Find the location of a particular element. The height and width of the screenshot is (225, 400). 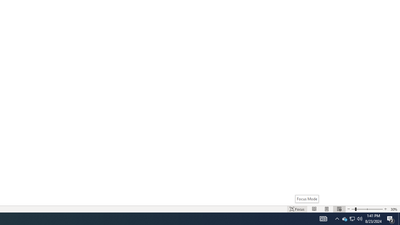

'Focus Mode' is located at coordinates (307, 199).